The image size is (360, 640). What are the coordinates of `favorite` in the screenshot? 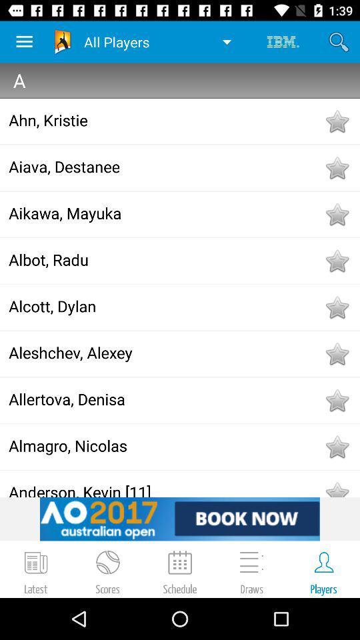 It's located at (336, 353).